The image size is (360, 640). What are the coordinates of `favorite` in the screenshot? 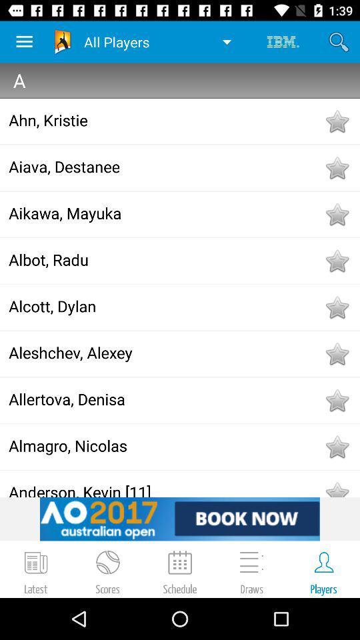 It's located at (336, 353).